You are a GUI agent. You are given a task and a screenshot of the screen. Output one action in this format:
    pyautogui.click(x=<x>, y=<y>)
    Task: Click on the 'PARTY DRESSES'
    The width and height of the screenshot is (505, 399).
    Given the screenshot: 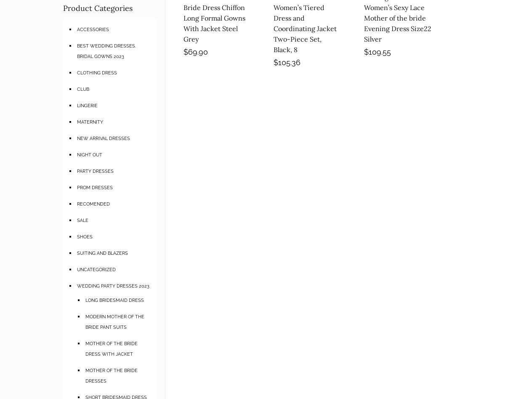 What is the action you would take?
    pyautogui.click(x=95, y=170)
    